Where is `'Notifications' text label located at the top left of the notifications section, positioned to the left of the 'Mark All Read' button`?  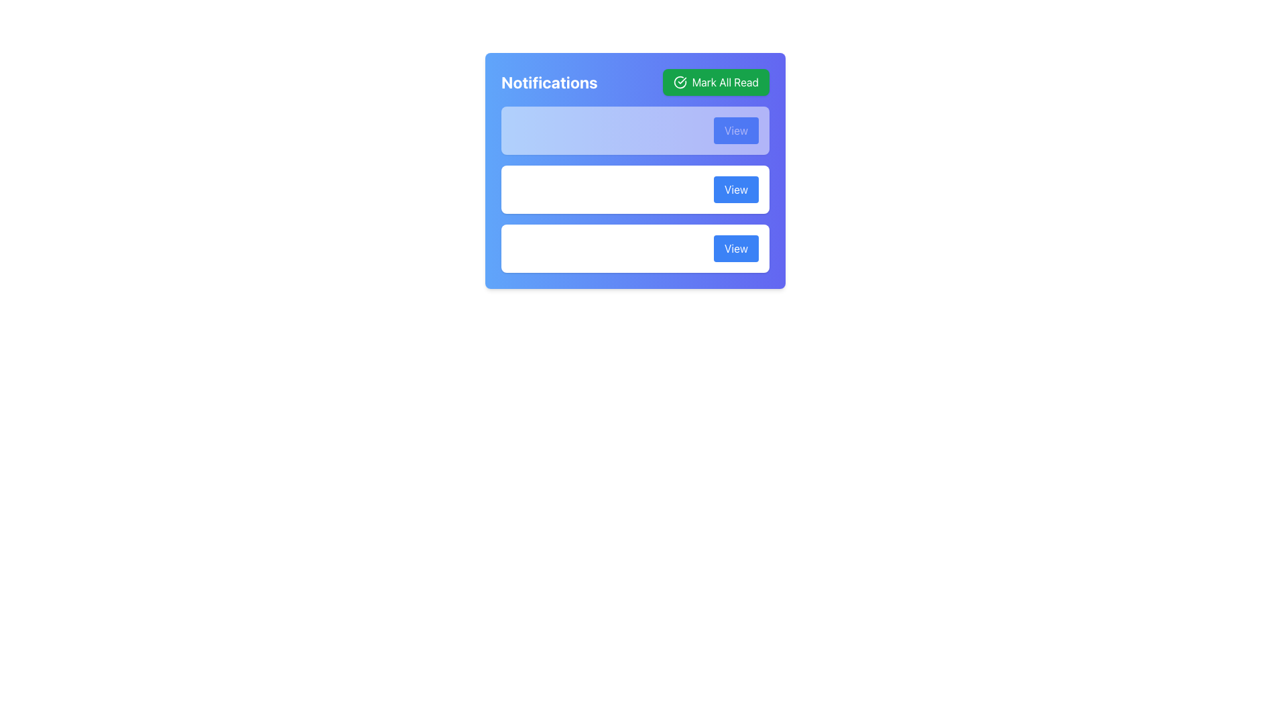 'Notifications' text label located at the top left of the notifications section, positioned to the left of the 'Mark All Read' button is located at coordinates (549, 82).